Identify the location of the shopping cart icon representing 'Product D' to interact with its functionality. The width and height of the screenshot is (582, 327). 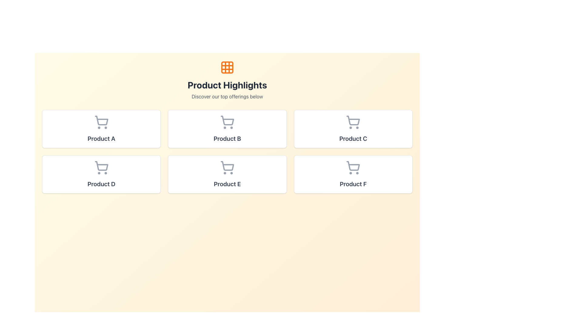
(101, 166).